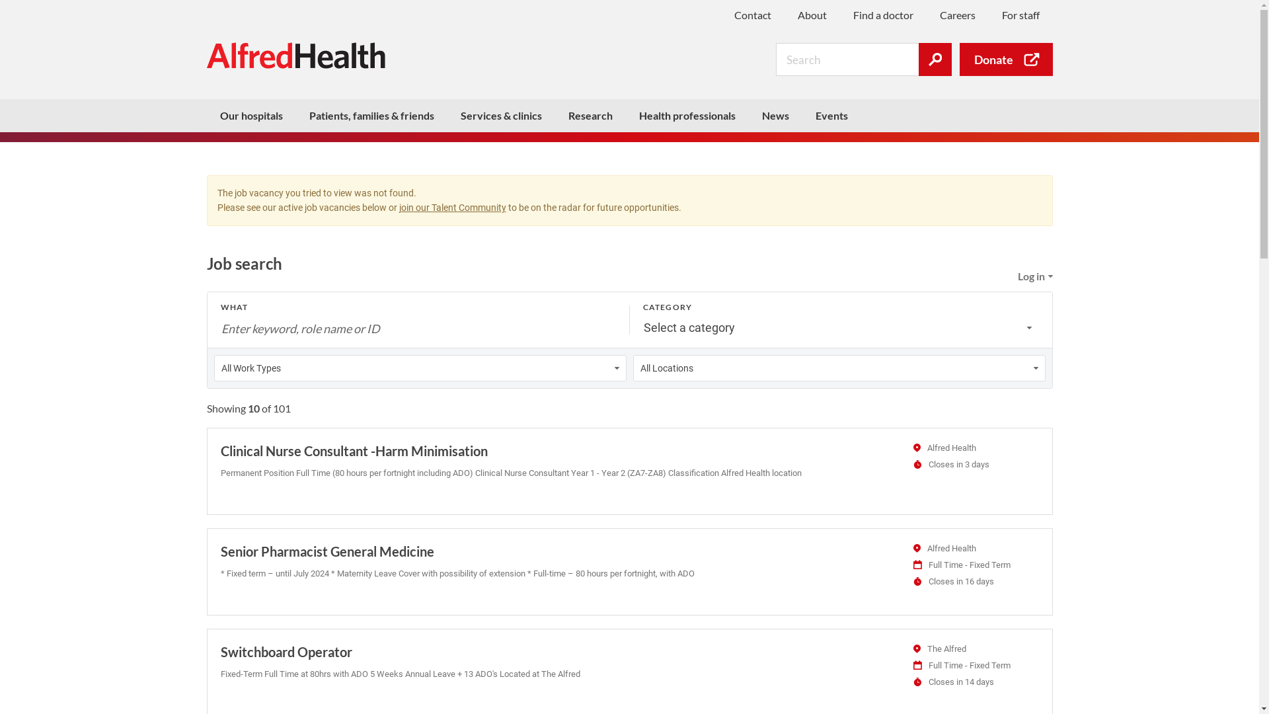 This screenshot has height=714, width=1269. What do you see at coordinates (751, 15) in the screenshot?
I see `'Contact'` at bounding box center [751, 15].